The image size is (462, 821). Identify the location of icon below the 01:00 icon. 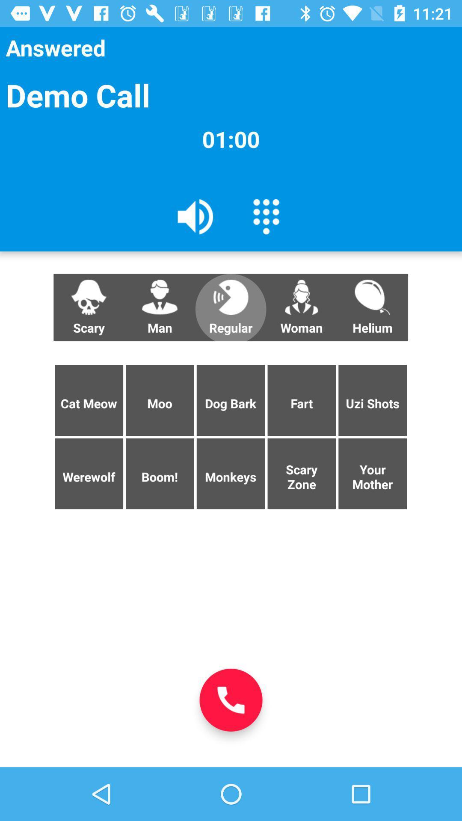
(372, 307).